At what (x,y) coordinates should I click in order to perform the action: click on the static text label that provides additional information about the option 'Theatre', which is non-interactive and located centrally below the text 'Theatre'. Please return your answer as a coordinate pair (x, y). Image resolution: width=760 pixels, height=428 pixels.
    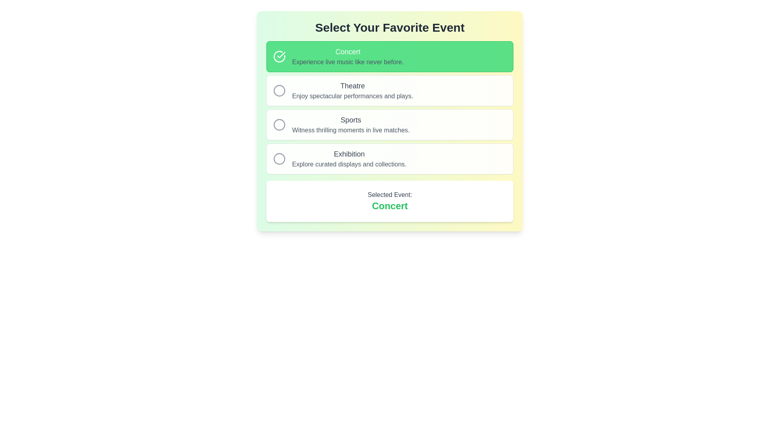
    Looking at the image, I should click on (352, 96).